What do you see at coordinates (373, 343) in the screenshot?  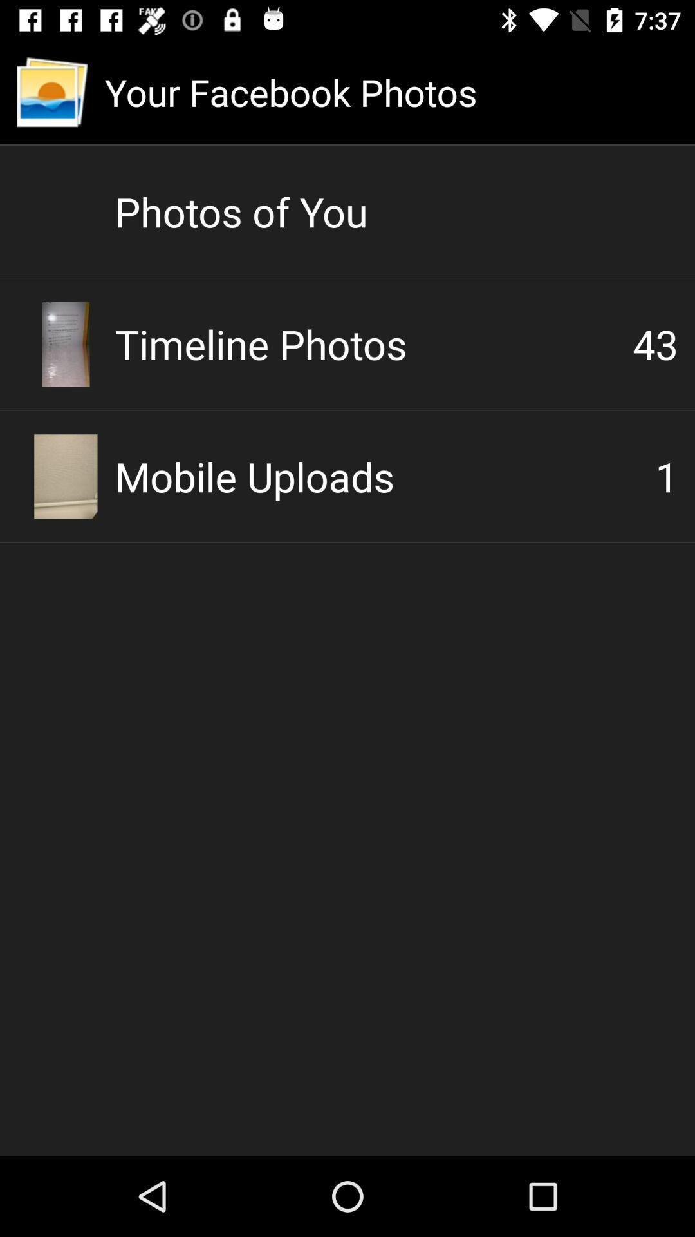 I see `the item below the photos of you icon` at bounding box center [373, 343].